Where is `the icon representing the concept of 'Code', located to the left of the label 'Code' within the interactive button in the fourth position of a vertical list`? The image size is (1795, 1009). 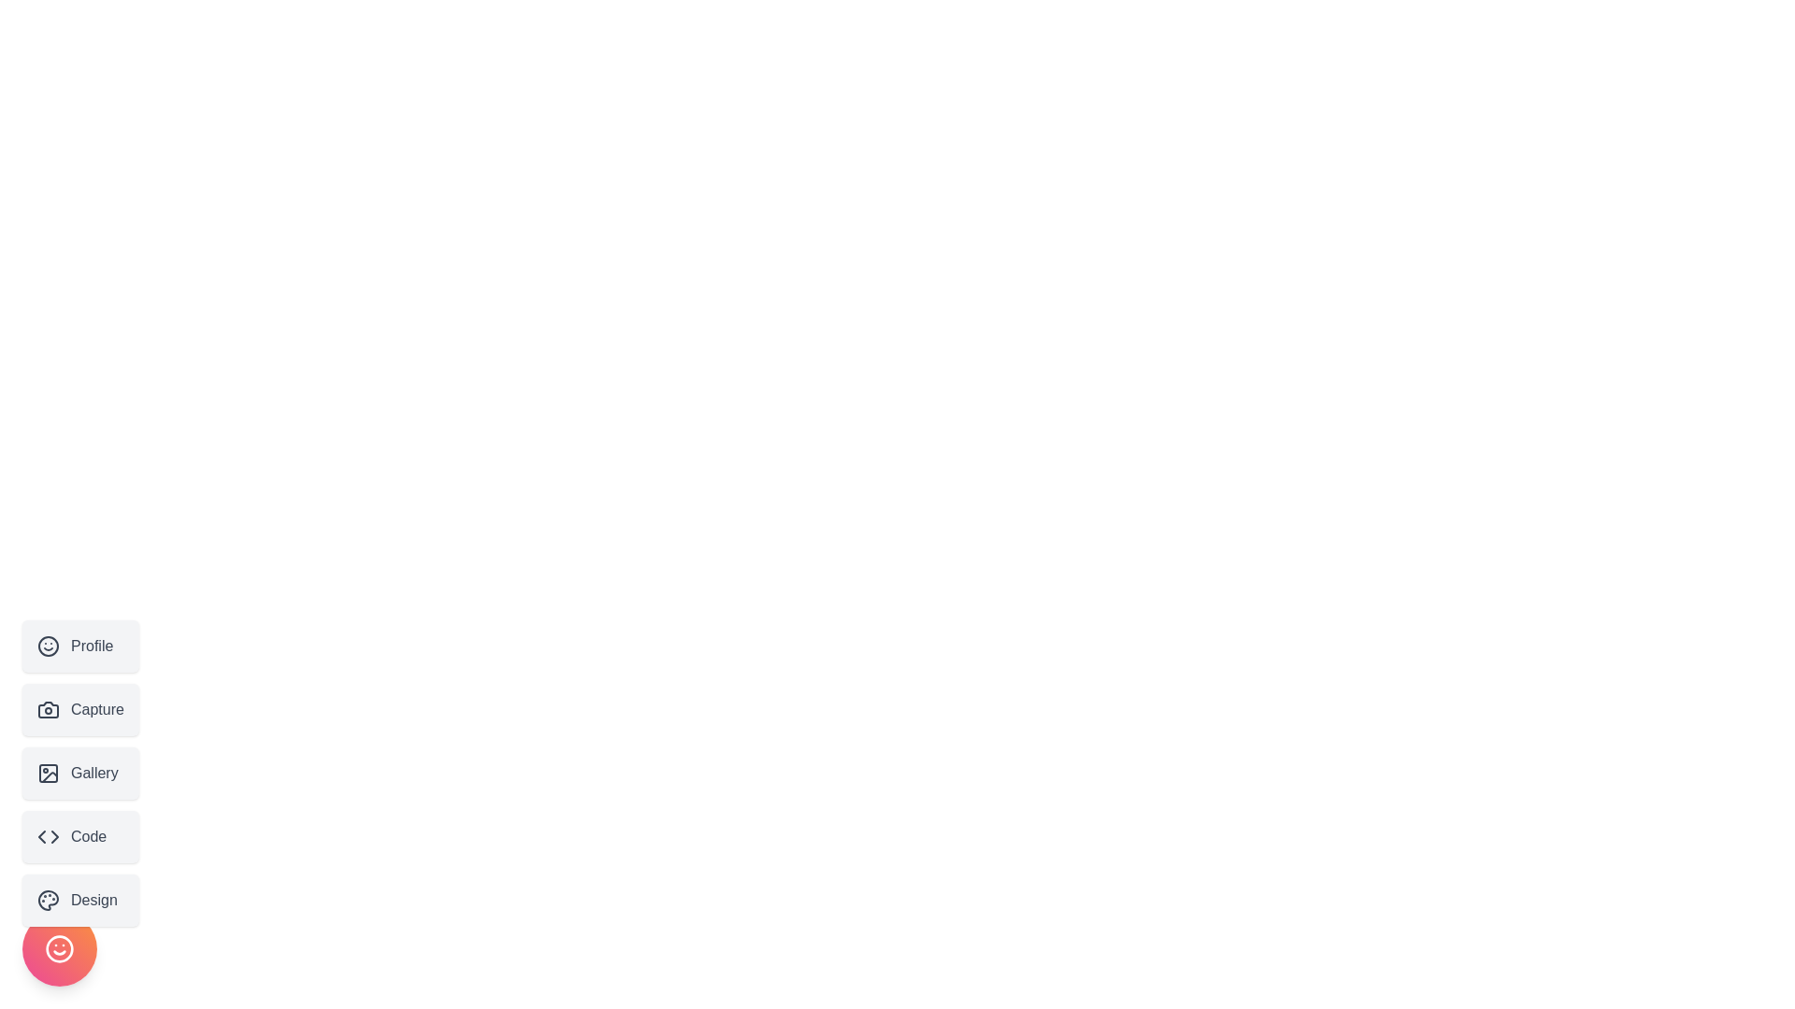 the icon representing the concept of 'Code', located to the left of the label 'Code' within the interactive button in the fourth position of a vertical list is located at coordinates (49, 835).